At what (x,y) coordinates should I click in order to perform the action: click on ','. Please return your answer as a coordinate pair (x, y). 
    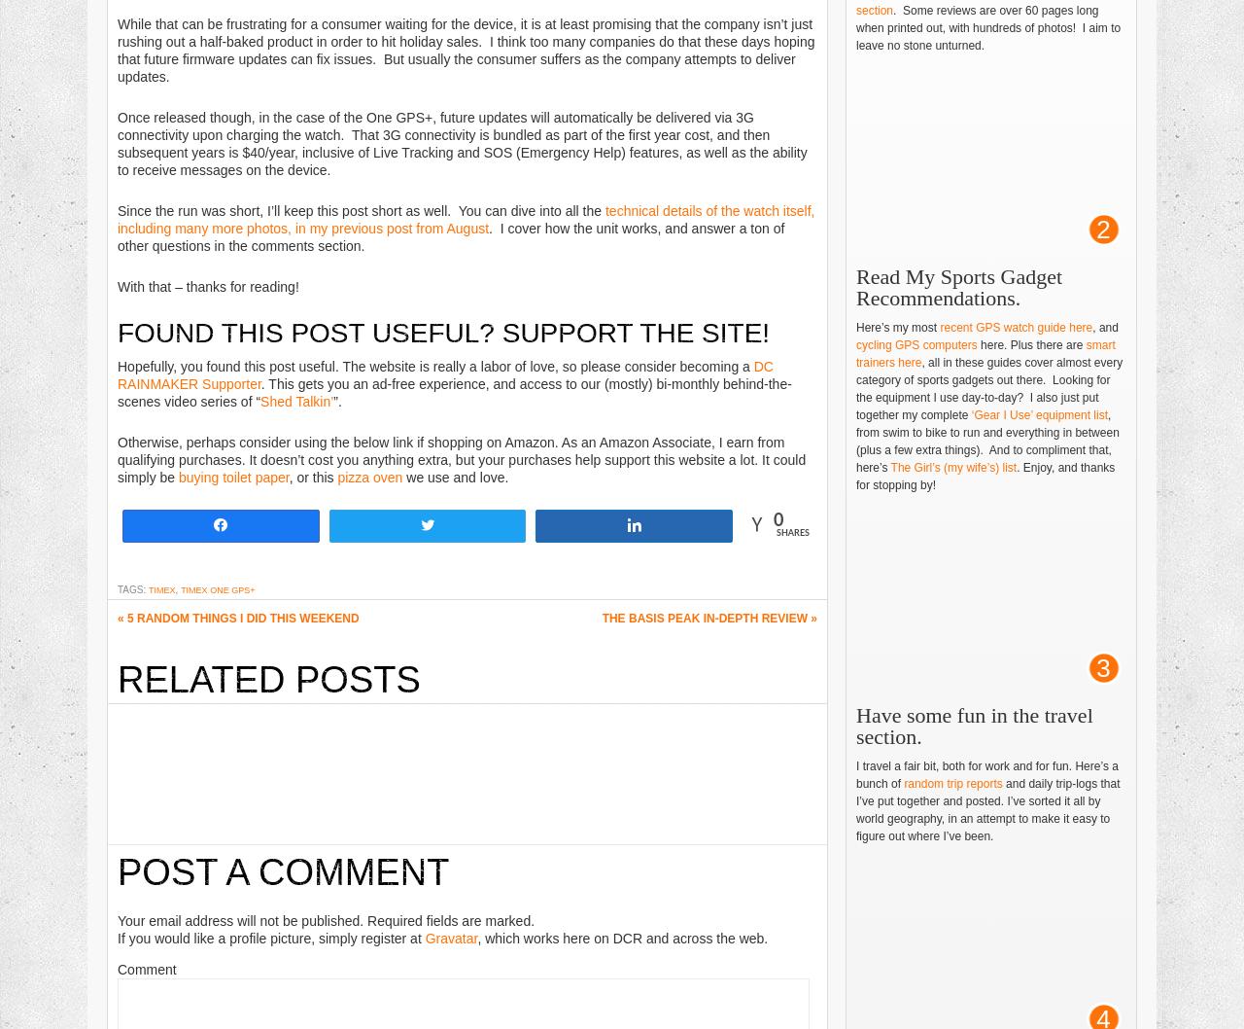
    Looking at the image, I should click on (178, 588).